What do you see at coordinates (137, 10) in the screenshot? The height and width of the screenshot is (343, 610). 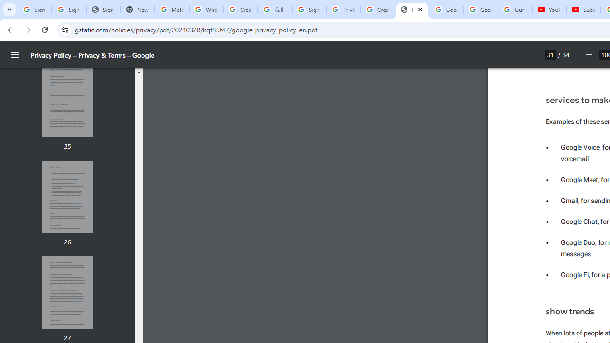 I see `'New Tab'` at bounding box center [137, 10].